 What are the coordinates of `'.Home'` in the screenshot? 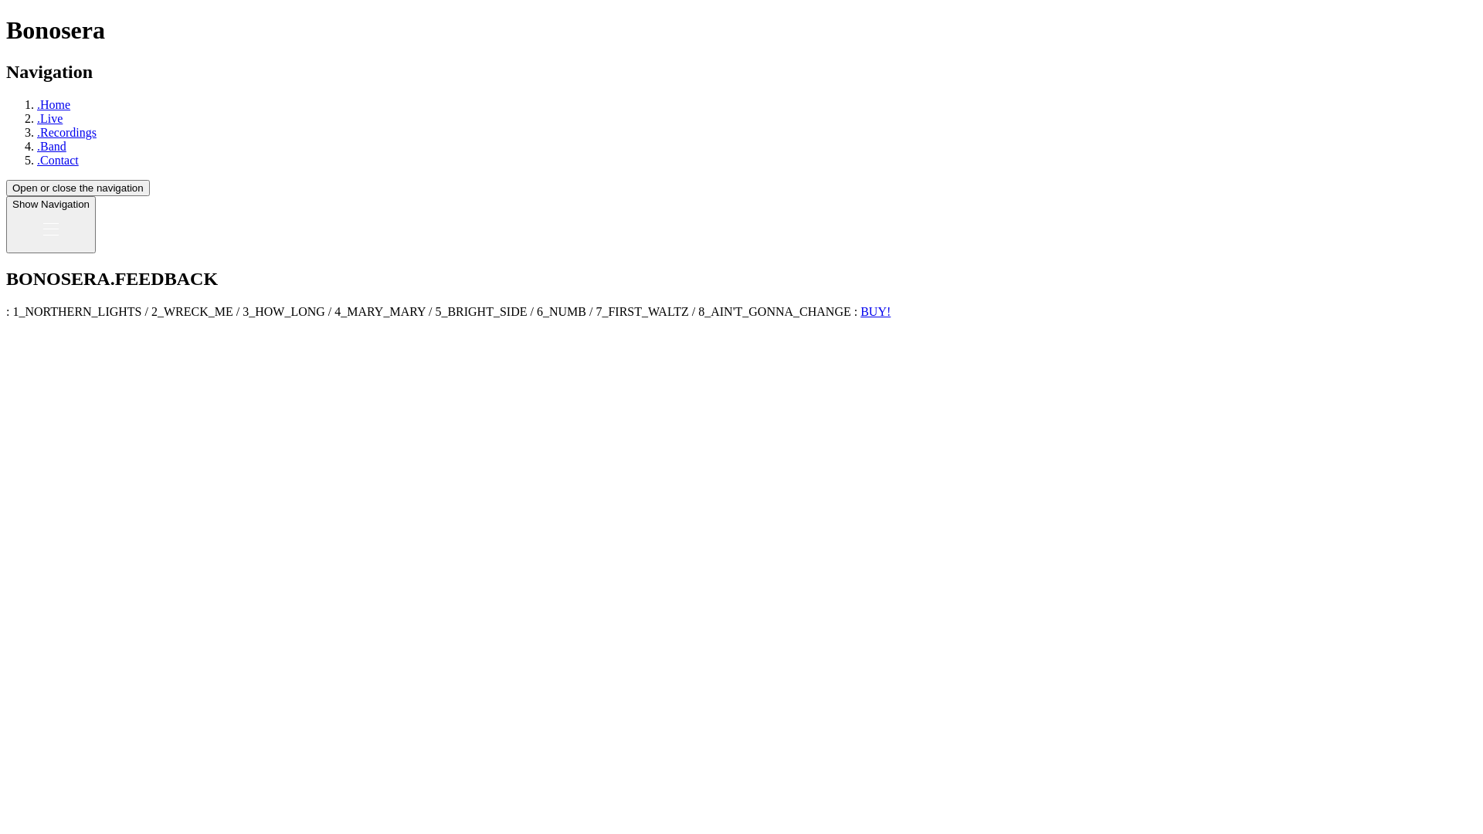 It's located at (37, 104).